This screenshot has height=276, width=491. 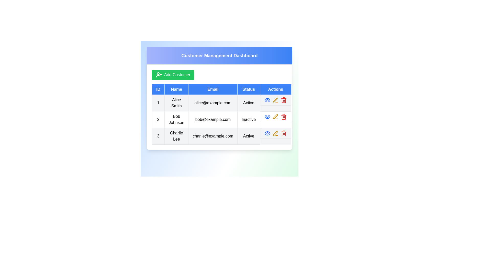 I want to click on the column header Status to sort the data, so click(x=249, y=89).